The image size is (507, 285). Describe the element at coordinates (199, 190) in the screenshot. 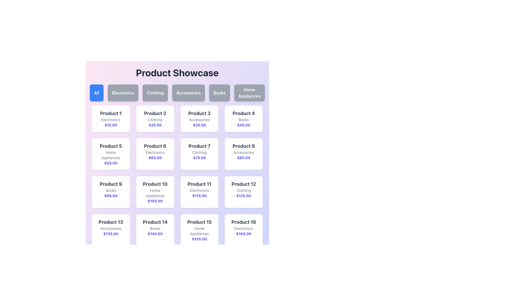

I see `the text label displaying 'Electronics' located beneath the title 'Product 11' and above the price '$115.00' in the third row and third column of the grid layout` at that location.